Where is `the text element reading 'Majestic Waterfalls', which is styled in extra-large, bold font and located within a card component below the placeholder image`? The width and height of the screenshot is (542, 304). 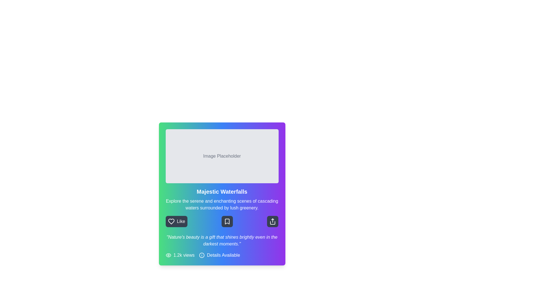 the text element reading 'Majestic Waterfalls', which is styled in extra-large, bold font and located within a card component below the placeholder image is located at coordinates (222, 191).